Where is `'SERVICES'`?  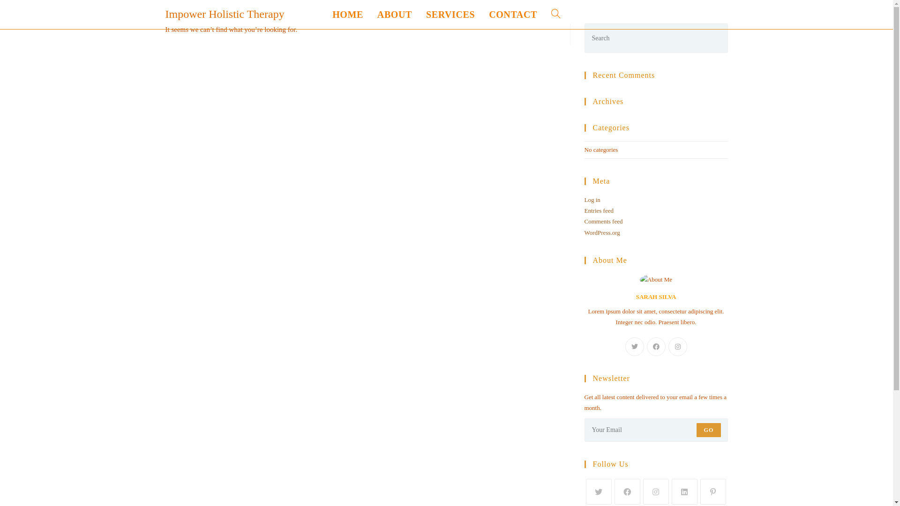 'SERVICES' is located at coordinates (450, 14).